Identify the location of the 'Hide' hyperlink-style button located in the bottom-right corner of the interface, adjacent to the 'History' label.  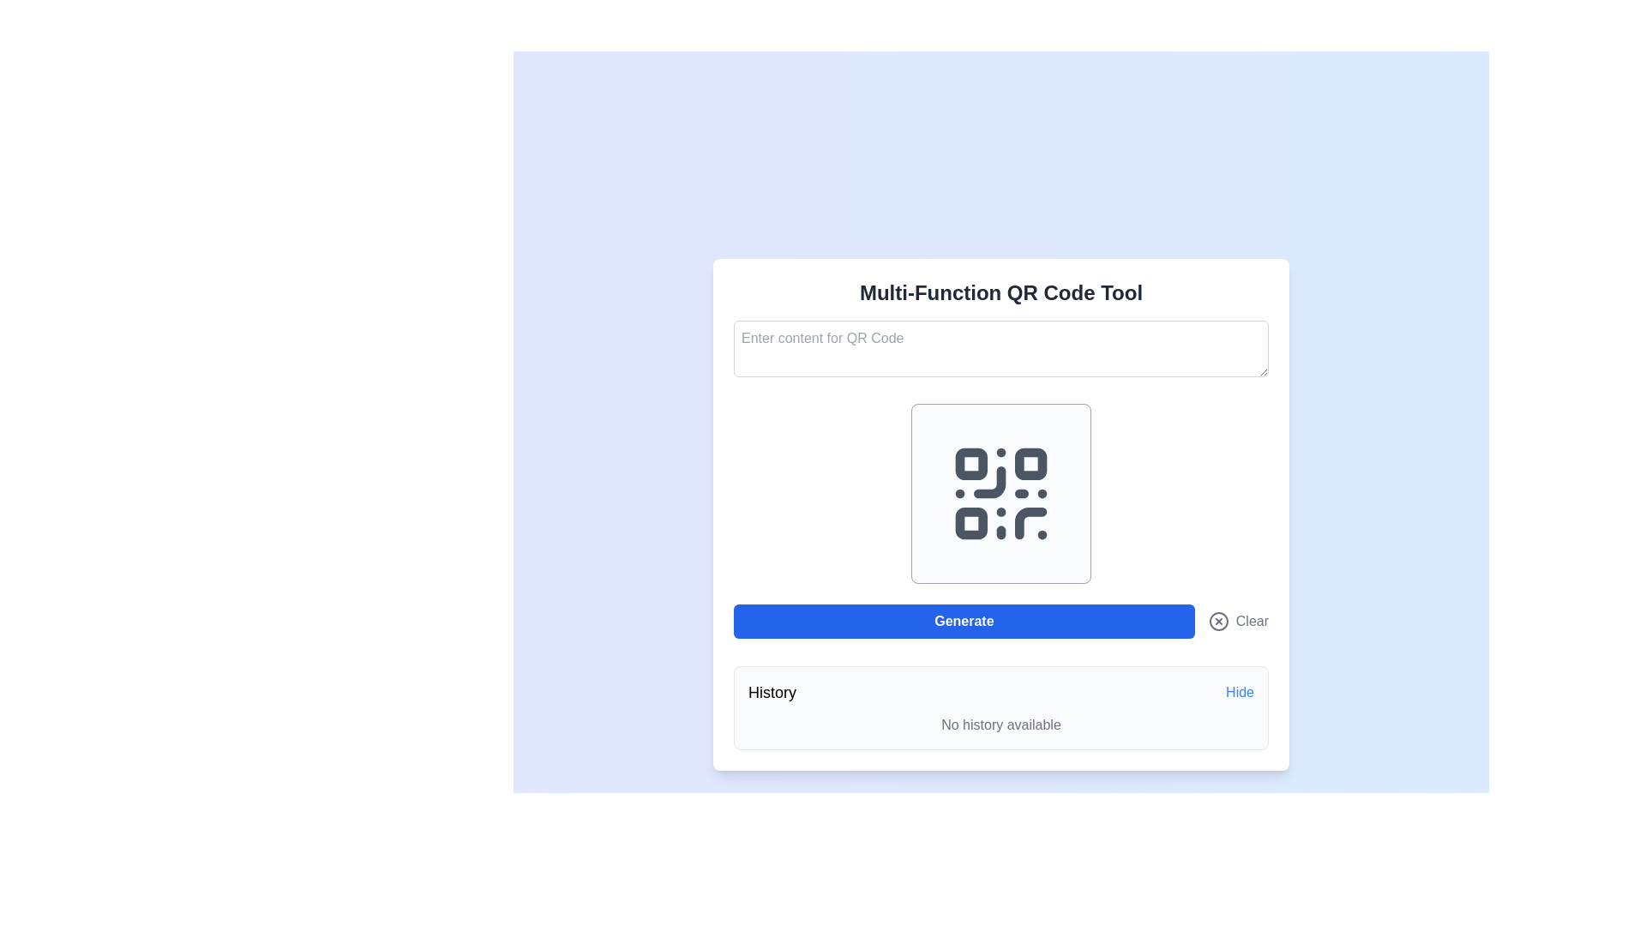
(1240, 691).